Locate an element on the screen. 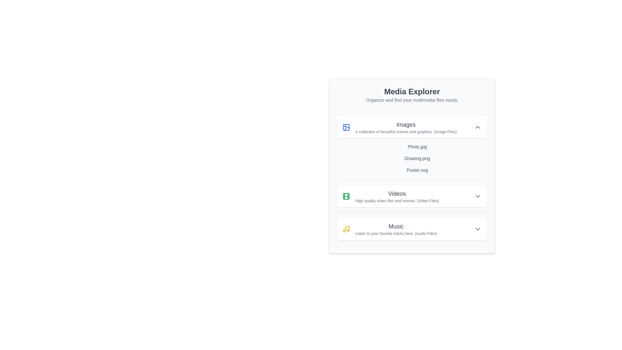 The height and width of the screenshot is (350, 622). the descriptive text label that reads 'High quality video files and movies. (Video Files)' located under the 'Videos' label in the 'Media Explorer' interface is located at coordinates (397, 201).